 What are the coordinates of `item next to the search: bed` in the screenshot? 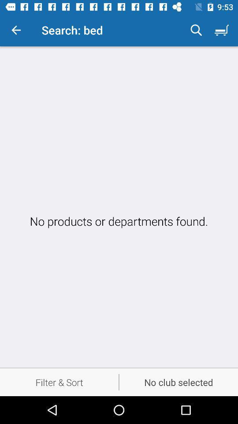 It's located at (196, 30).